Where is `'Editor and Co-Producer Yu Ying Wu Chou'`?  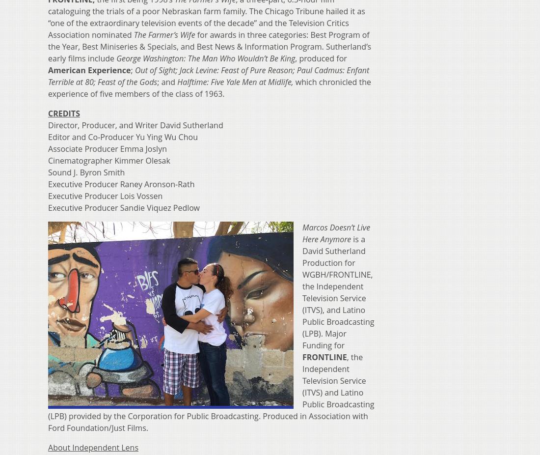
'Editor and Co-Producer Yu Ying Wu Chou' is located at coordinates (123, 136).